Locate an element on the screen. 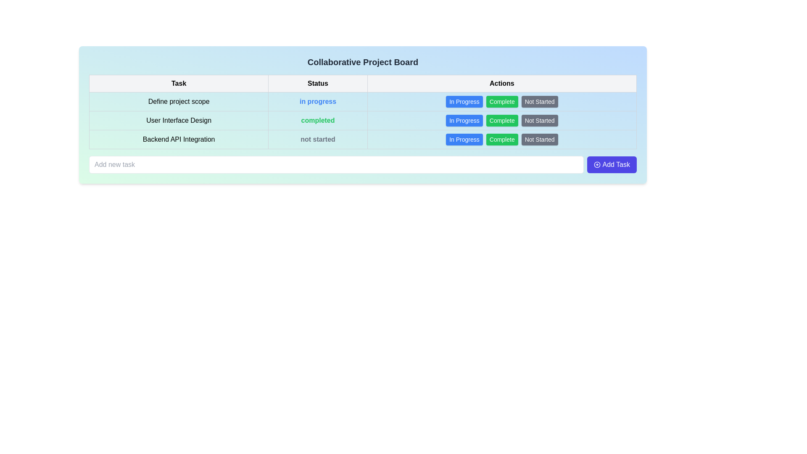 This screenshot has width=807, height=454. the 'In Progress' button, which is the second button in the 'Actions' column of the table row for the completed task is located at coordinates (464, 120).